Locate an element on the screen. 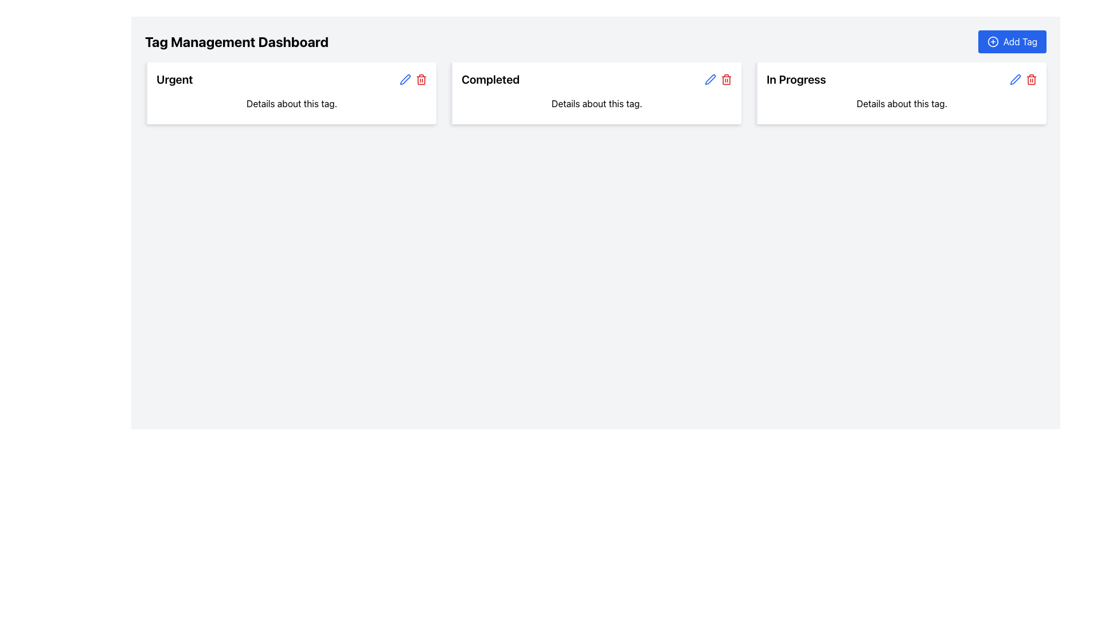 The image size is (1101, 619). the 'Add Tag' button located in the top right corner of the interface, which features a circular icon with a plus sign at its center and a blue background is located at coordinates (992, 41).